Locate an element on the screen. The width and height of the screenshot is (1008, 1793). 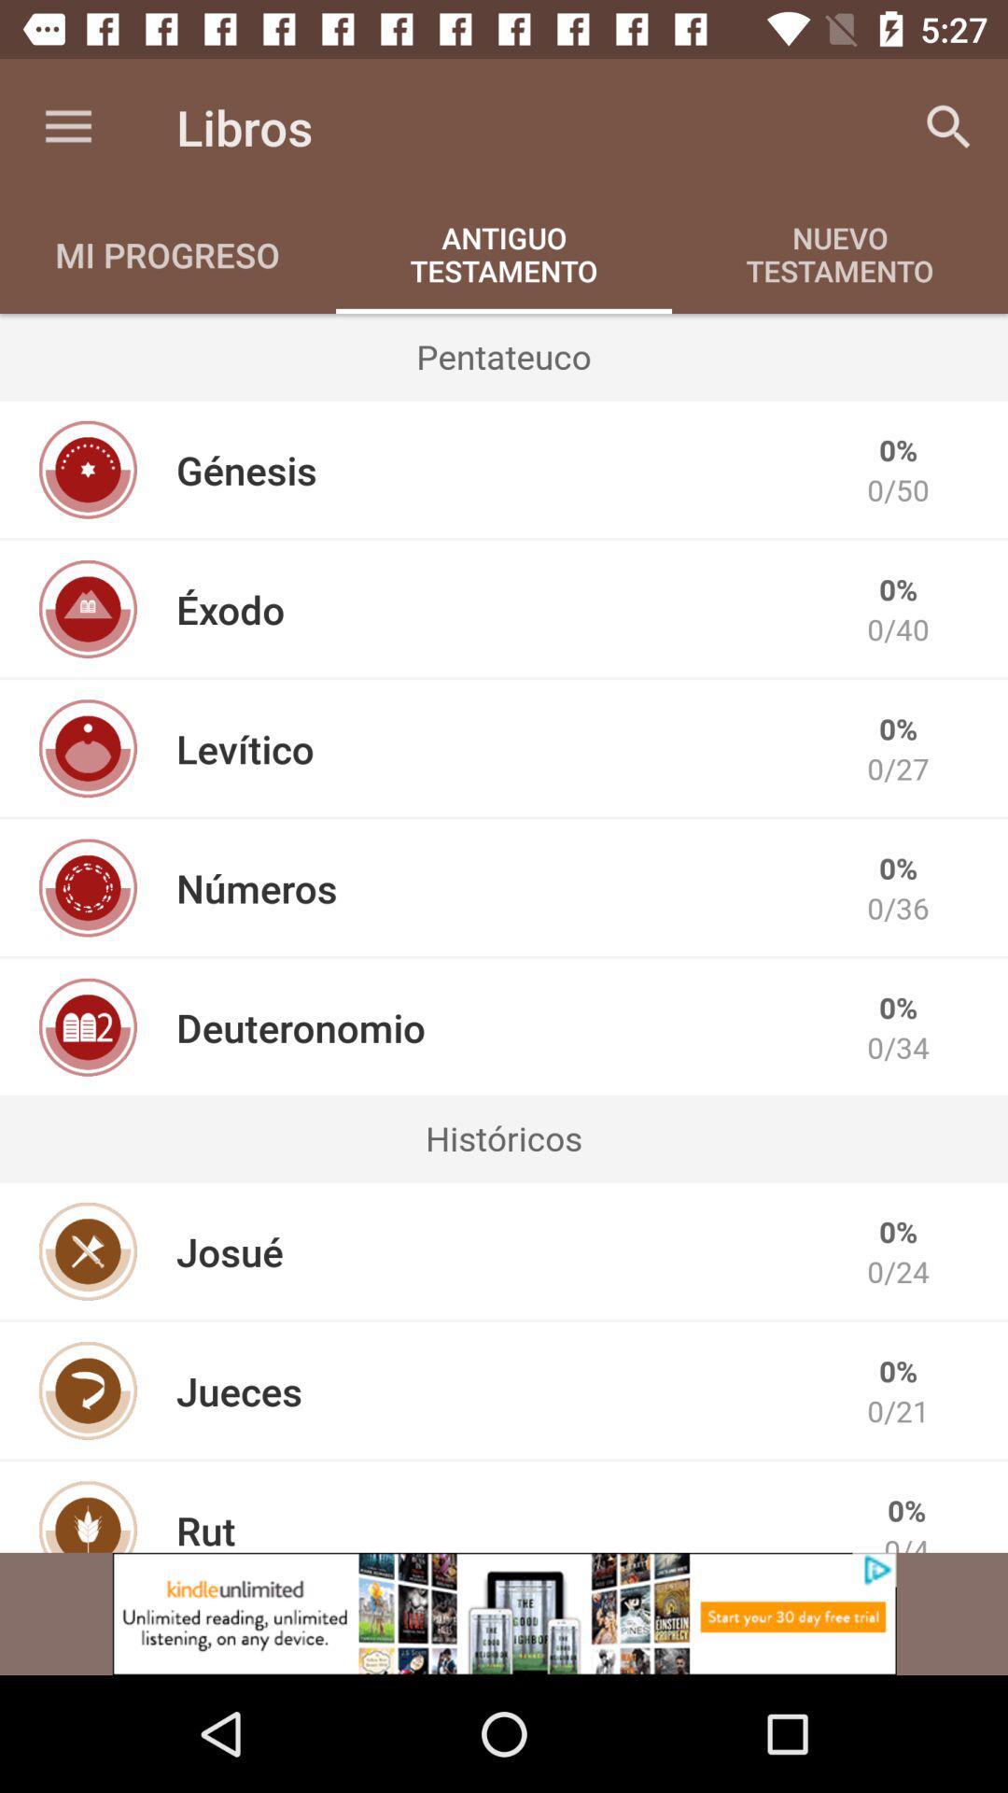
the deuteronomio is located at coordinates (300, 1026).